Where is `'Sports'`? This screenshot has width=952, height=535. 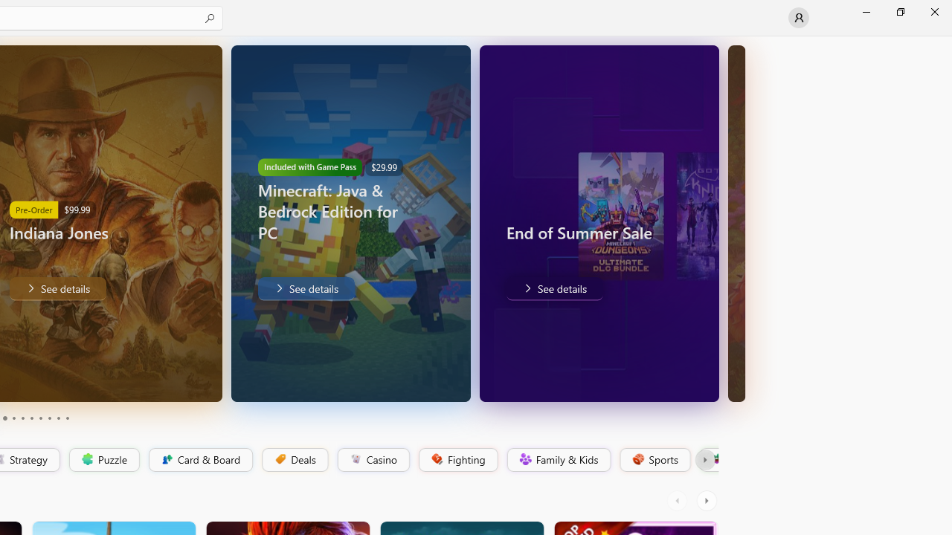
'Sports' is located at coordinates (654, 459).